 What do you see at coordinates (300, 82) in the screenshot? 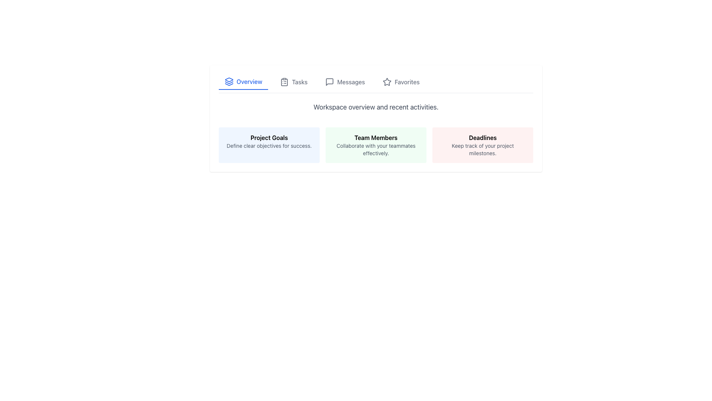
I see `the 'Tasks' text label in the top navigation bar, which is styled in medium gray font and appears after 'Overview' and before 'Messages'` at bounding box center [300, 82].